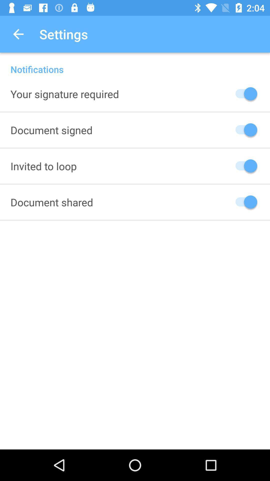  I want to click on the item above the invited to loop icon, so click(51, 130).